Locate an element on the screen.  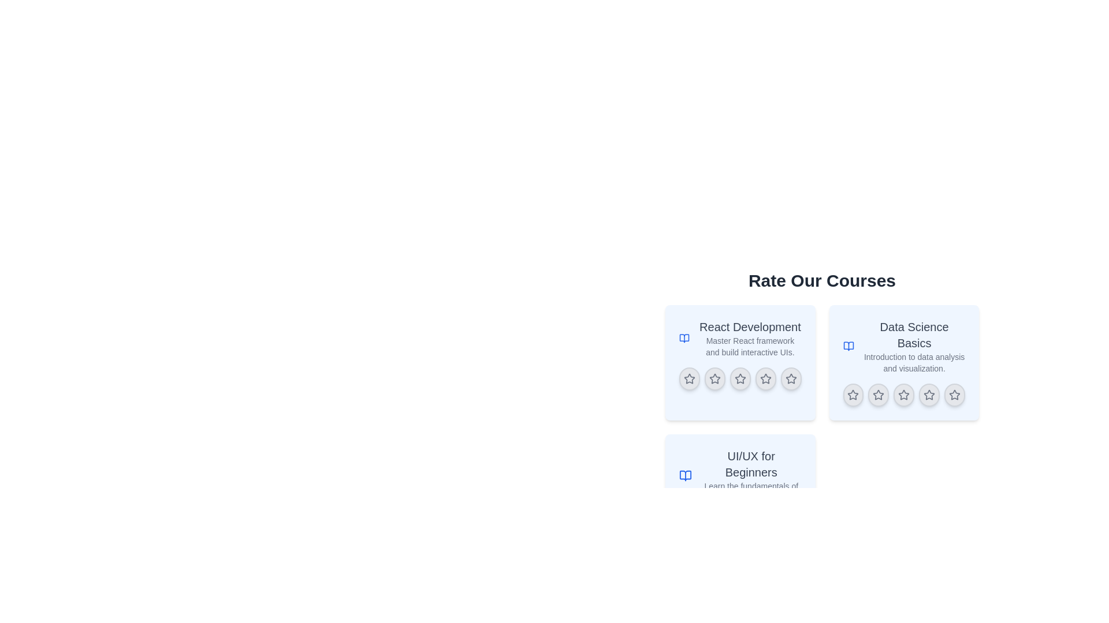
the star rating button located in the second rating row under the 'Data Science Basics' section is located at coordinates (853, 395).